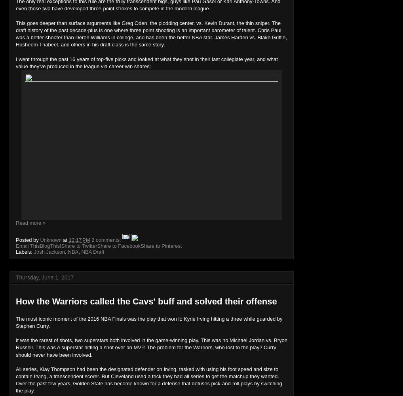 The width and height of the screenshot is (403, 396). I want to click on 'Share to Facebook', so click(119, 245).